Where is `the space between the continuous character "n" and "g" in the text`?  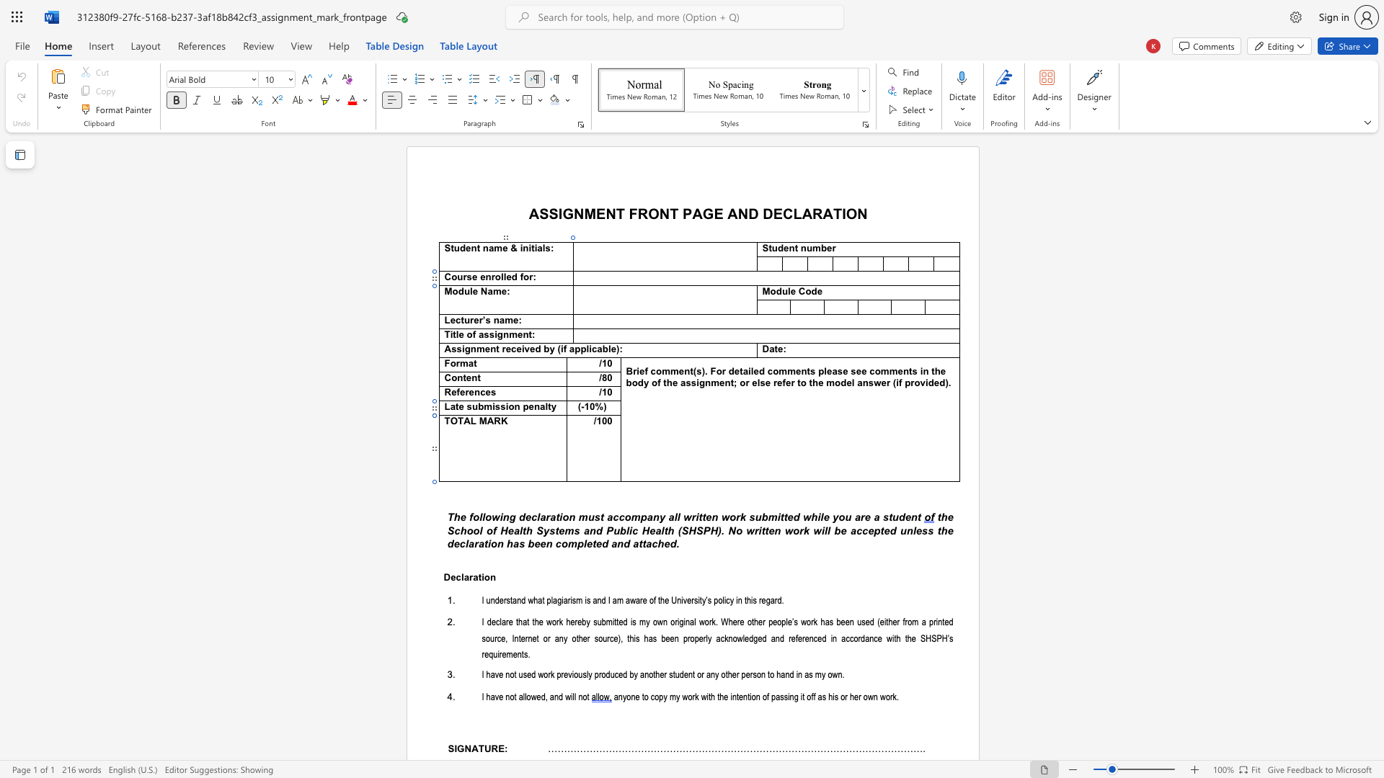
the space between the continuous character "n" and "g" in the text is located at coordinates (509, 517).